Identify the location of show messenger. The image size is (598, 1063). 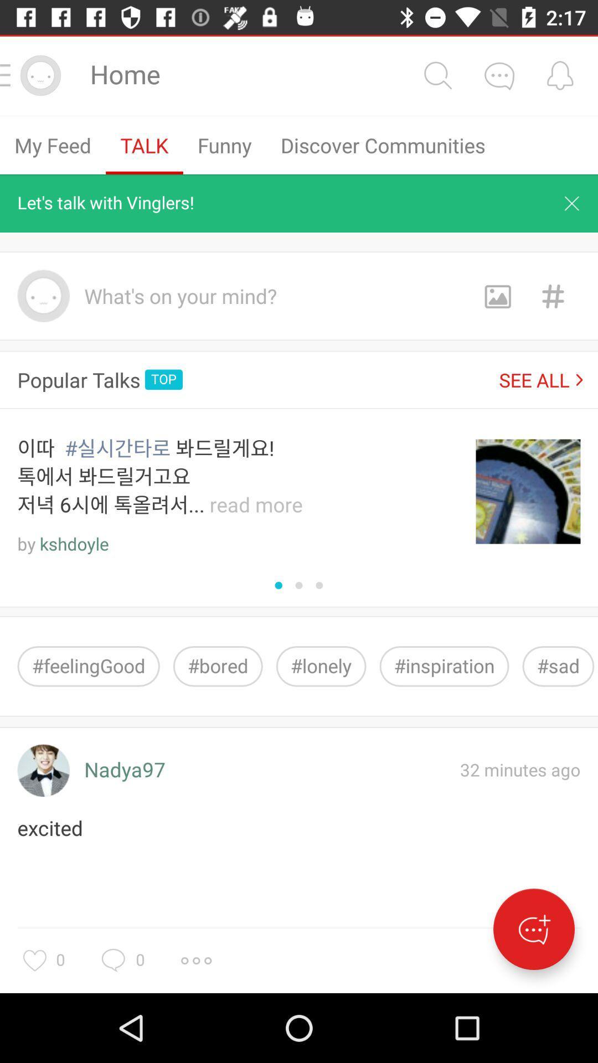
(533, 929).